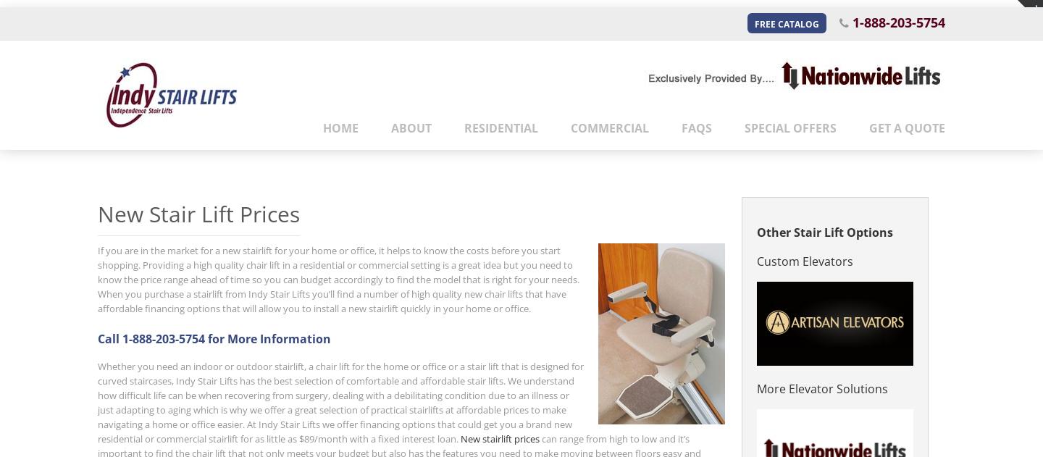 The height and width of the screenshot is (457, 1043). What do you see at coordinates (789, 127) in the screenshot?
I see `'Special offers'` at bounding box center [789, 127].